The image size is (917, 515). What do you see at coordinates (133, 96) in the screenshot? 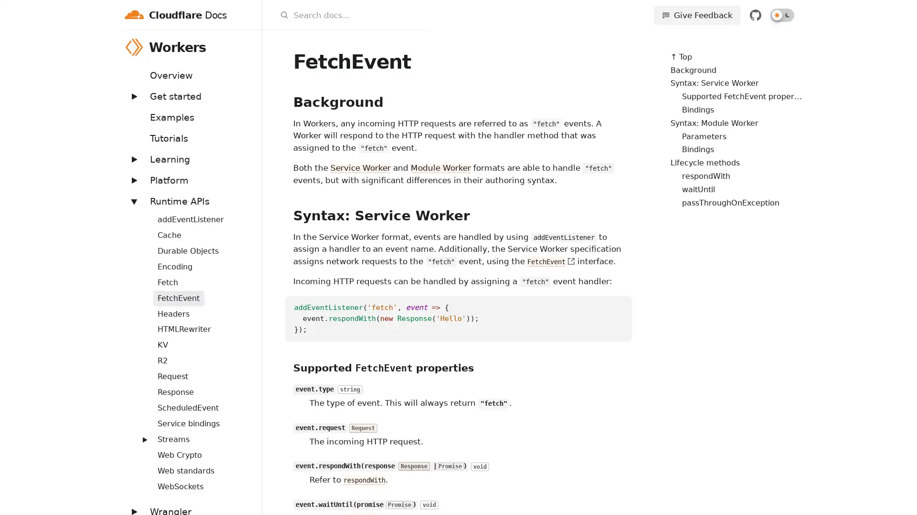
I see `Expand: Get started` at bounding box center [133, 96].